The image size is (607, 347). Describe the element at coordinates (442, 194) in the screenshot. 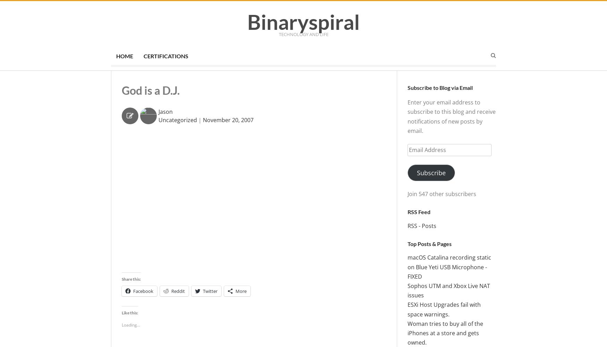

I see `'Join 547 other subscribers'` at that location.